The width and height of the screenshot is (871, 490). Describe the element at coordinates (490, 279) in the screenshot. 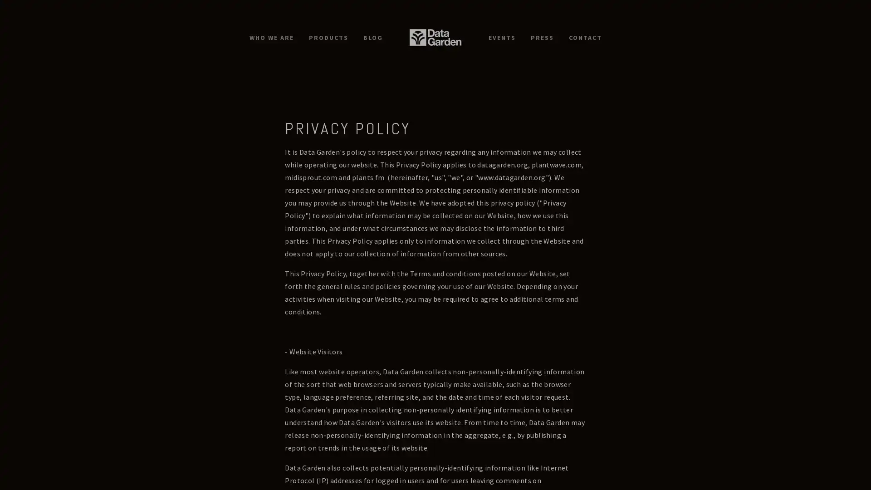

I see `Subscribe` at that location.